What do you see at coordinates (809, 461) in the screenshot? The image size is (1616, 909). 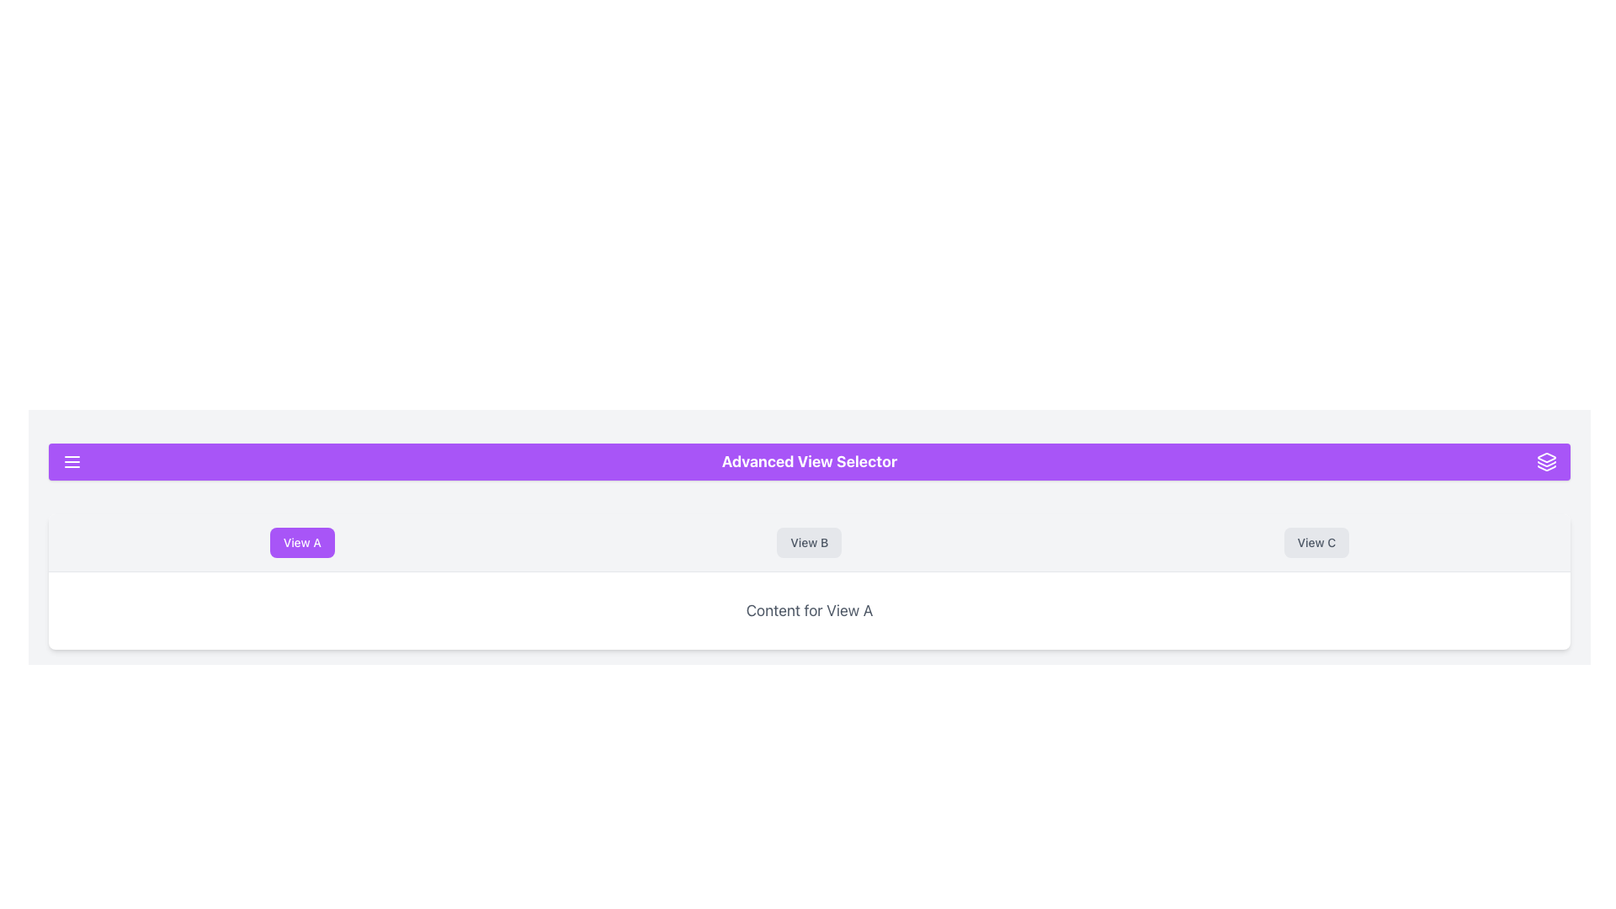 I see `the header bar located at the top section of the interface, which serves as a title and context for navigation` at bounding box center [809, 461].